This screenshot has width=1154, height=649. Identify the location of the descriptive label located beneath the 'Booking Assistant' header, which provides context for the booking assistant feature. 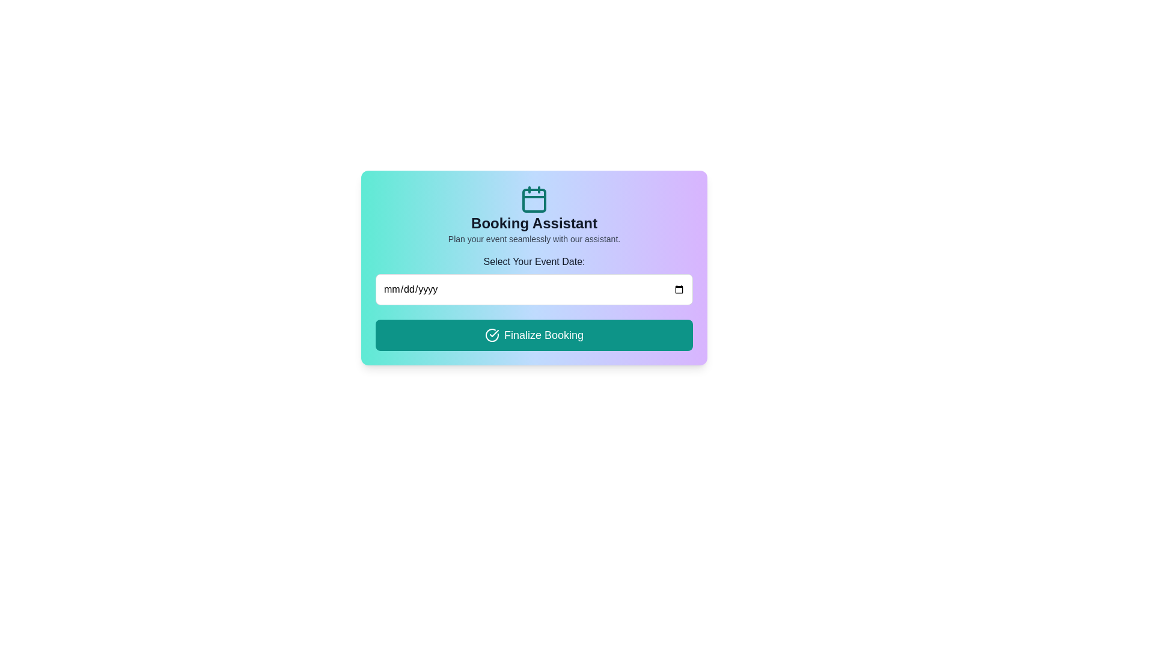
(533, 239).